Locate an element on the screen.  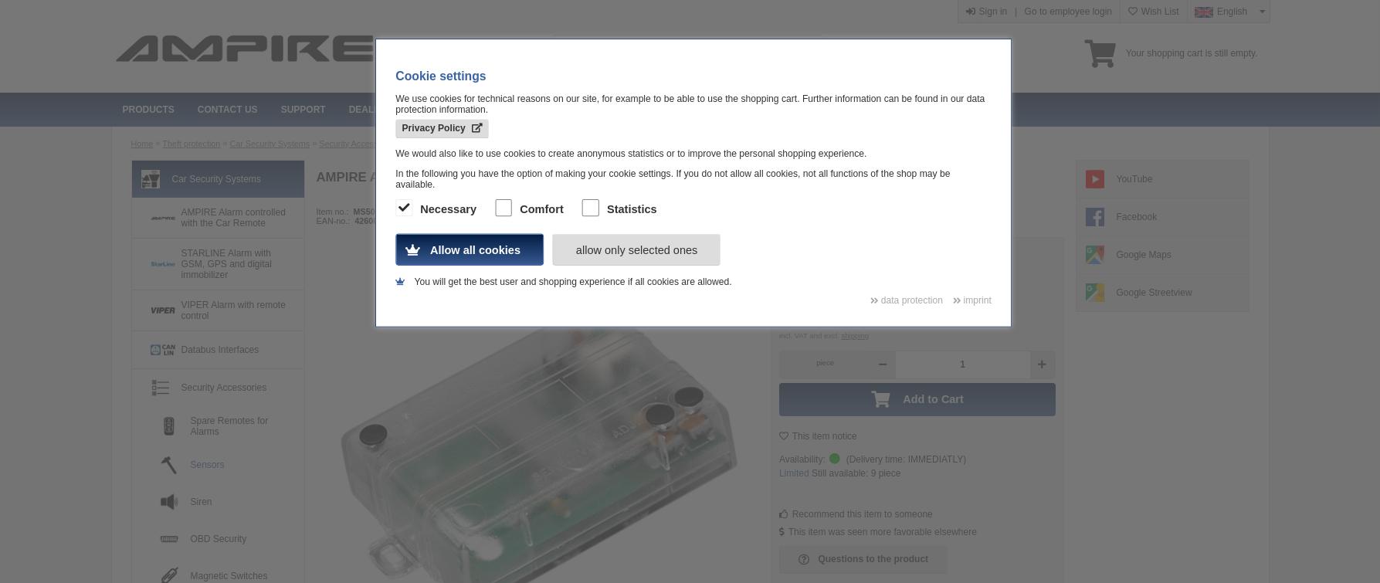
'English' is located at coordinates (1216, 12).